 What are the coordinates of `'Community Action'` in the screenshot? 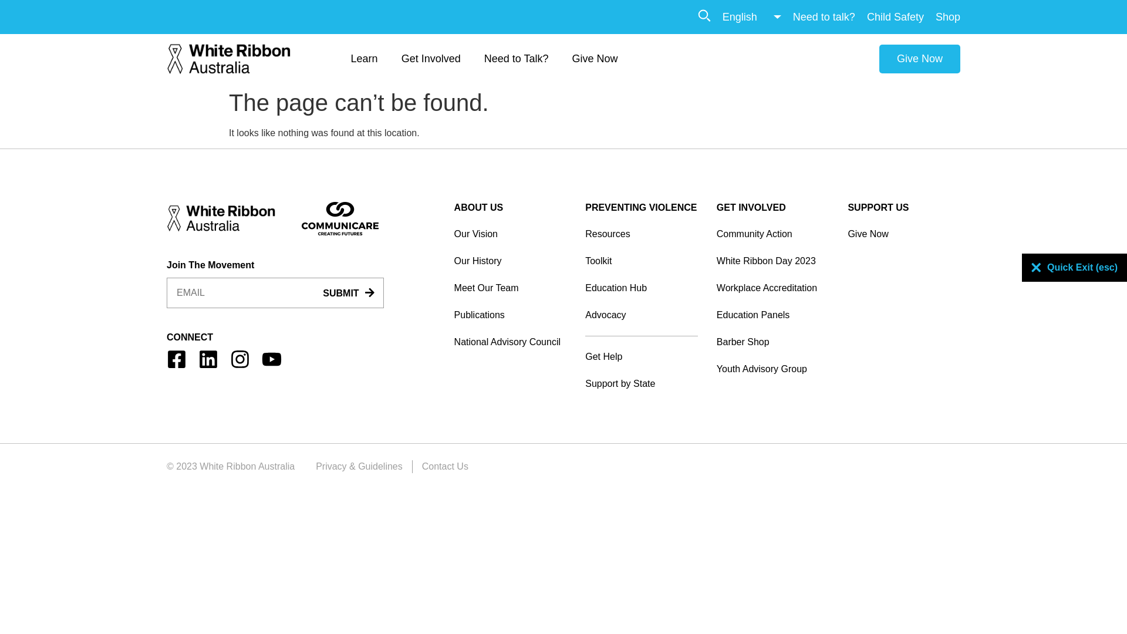 It's located at (772, 234).